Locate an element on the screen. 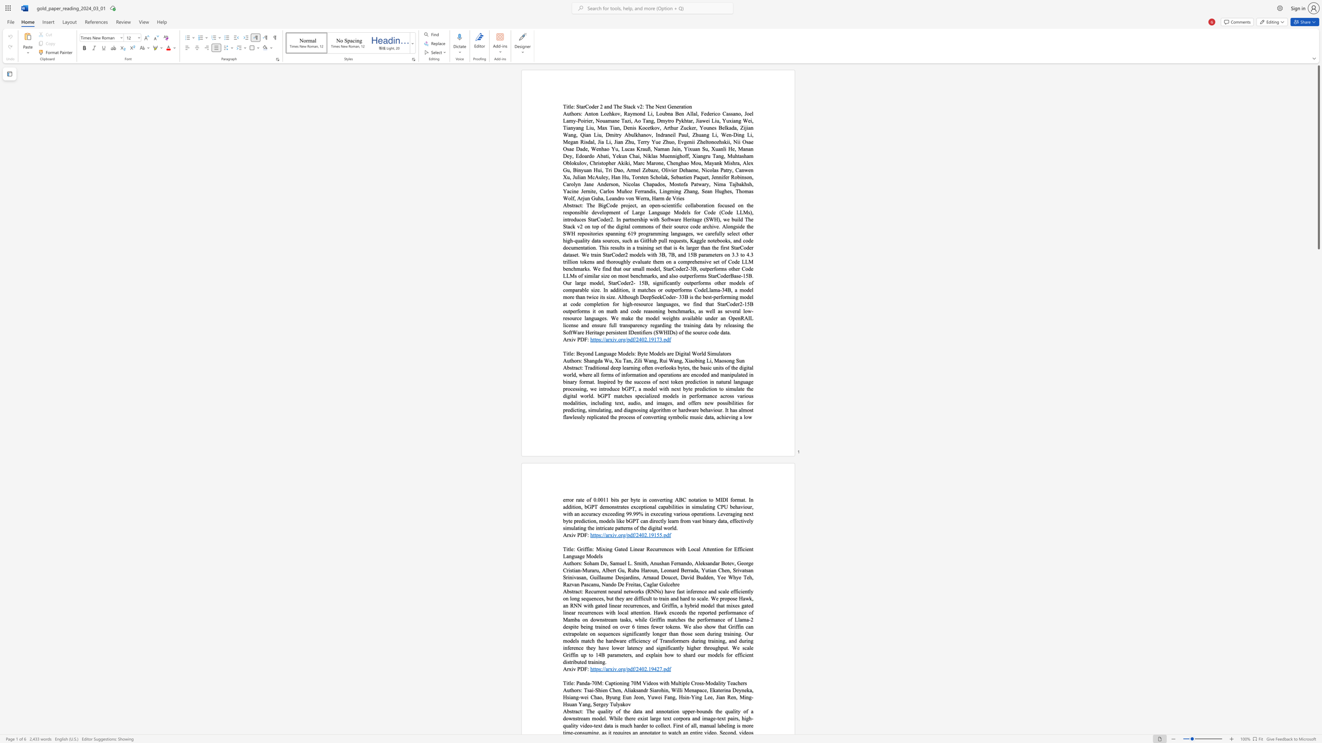 The height and width of the screenshot is (743, 1322). the scrollbar to slide the page down is located at coordinates (1318, 406).